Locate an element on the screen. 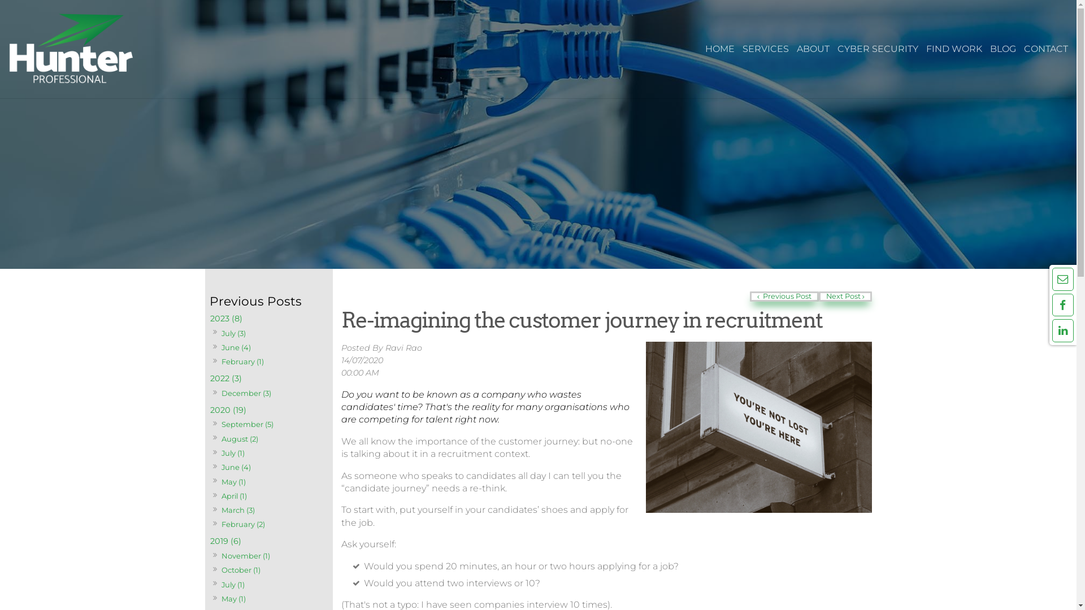  'Previous Post' is located at coordinates (749, 295).